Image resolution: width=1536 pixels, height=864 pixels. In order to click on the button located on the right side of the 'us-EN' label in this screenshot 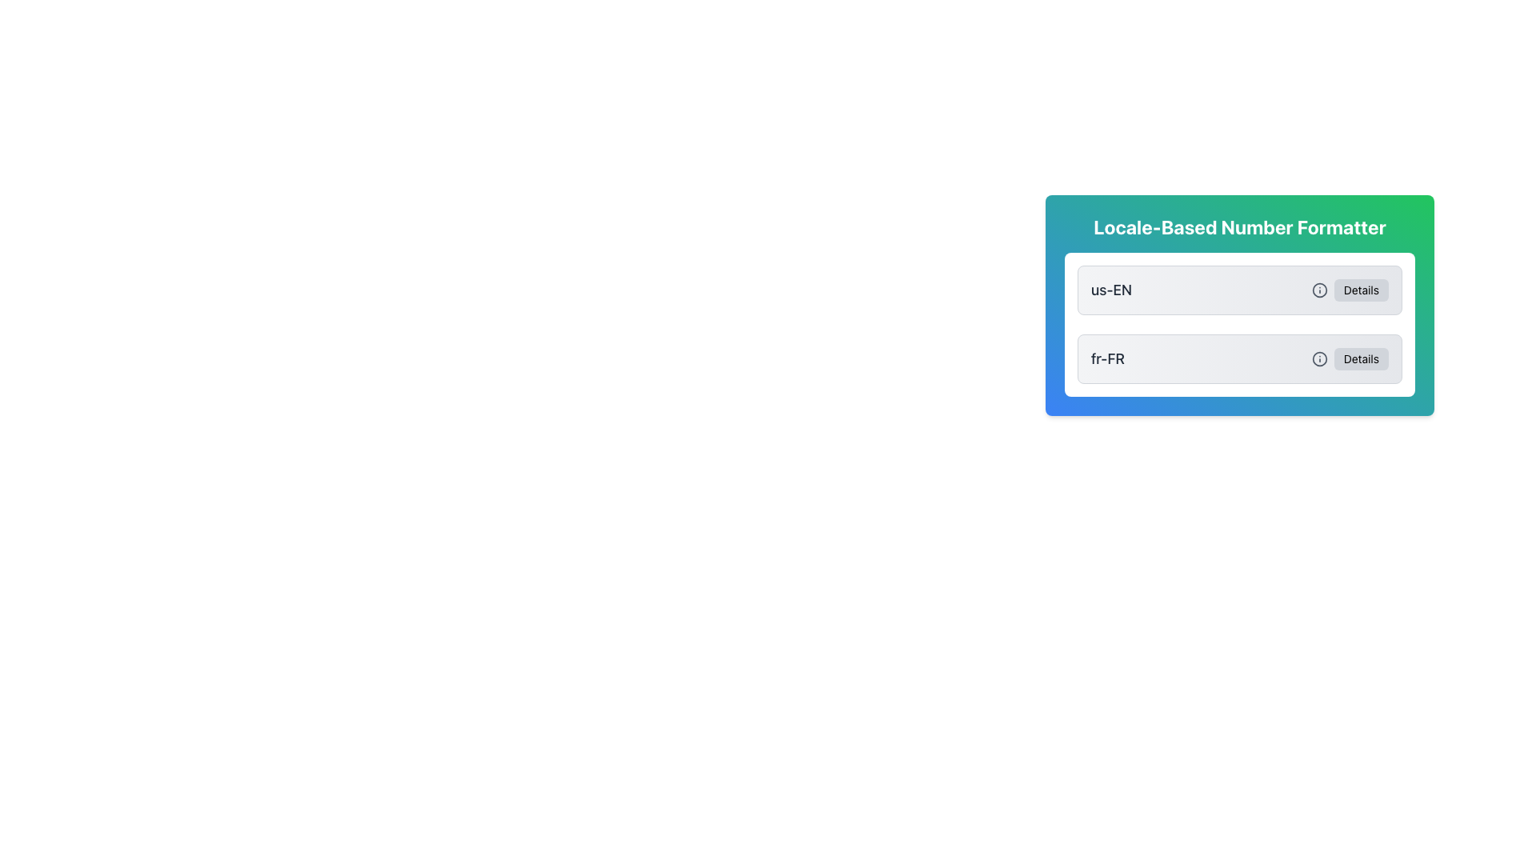, I will do `click(1360, 290)`.